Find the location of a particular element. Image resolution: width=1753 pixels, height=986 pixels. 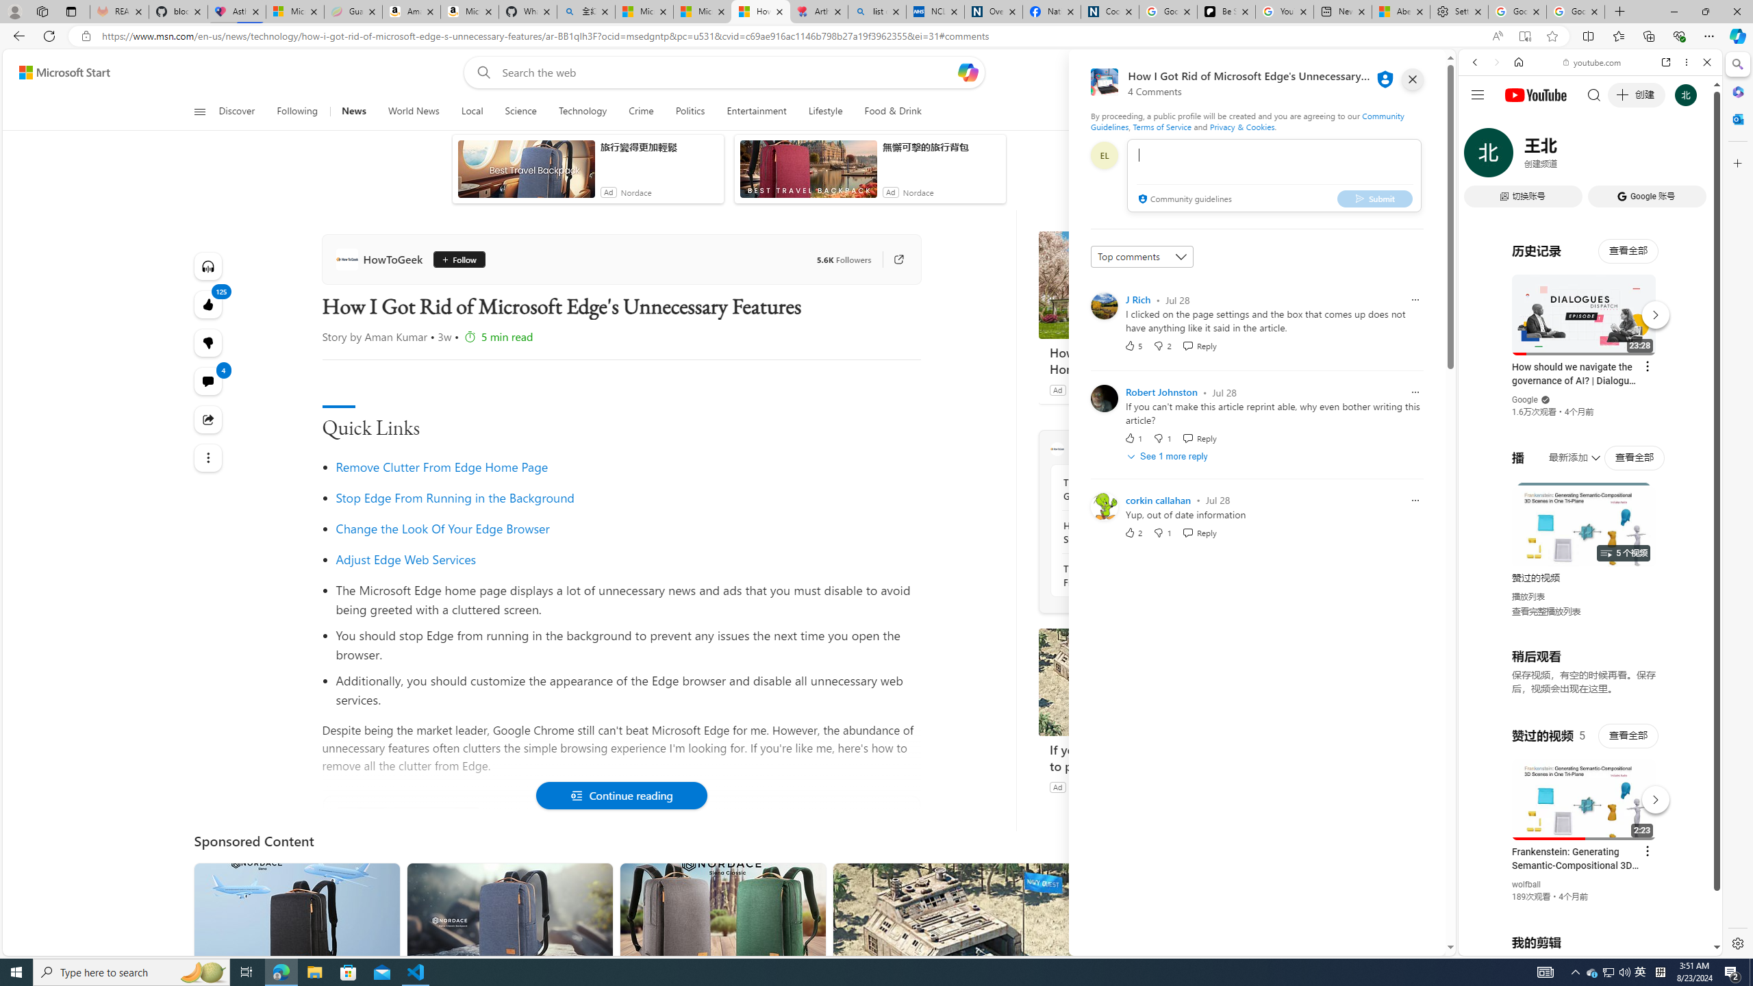

'Personal Profile' is located at coordinates (14, 11).